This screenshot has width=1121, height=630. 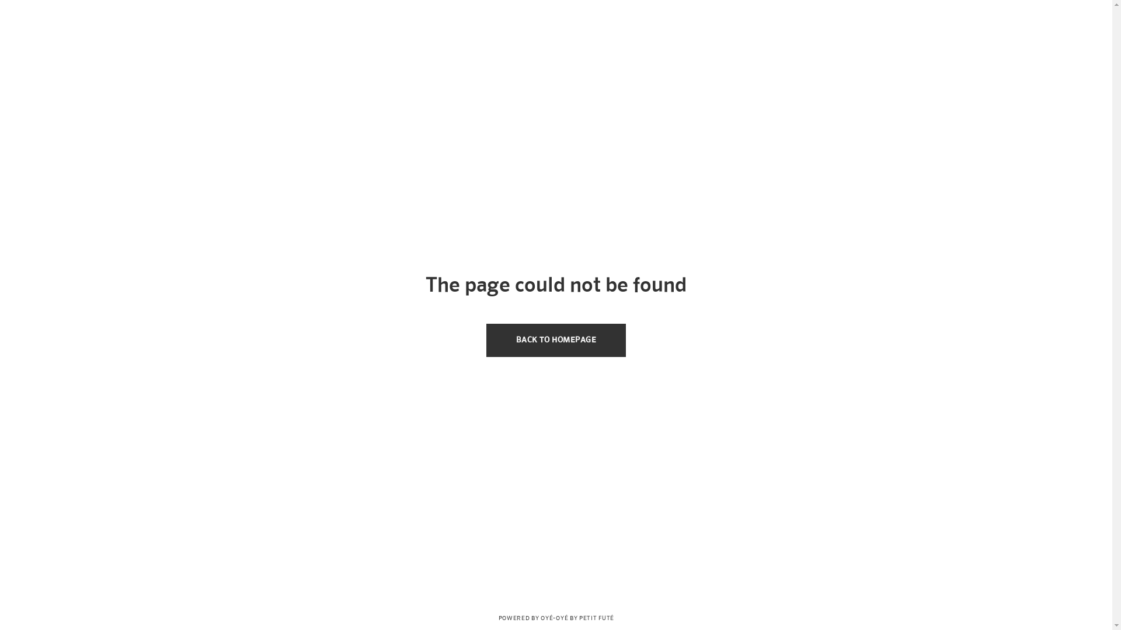 I want to click on 'BACK TO HOMEPAGE', so click(x=555, y=340).